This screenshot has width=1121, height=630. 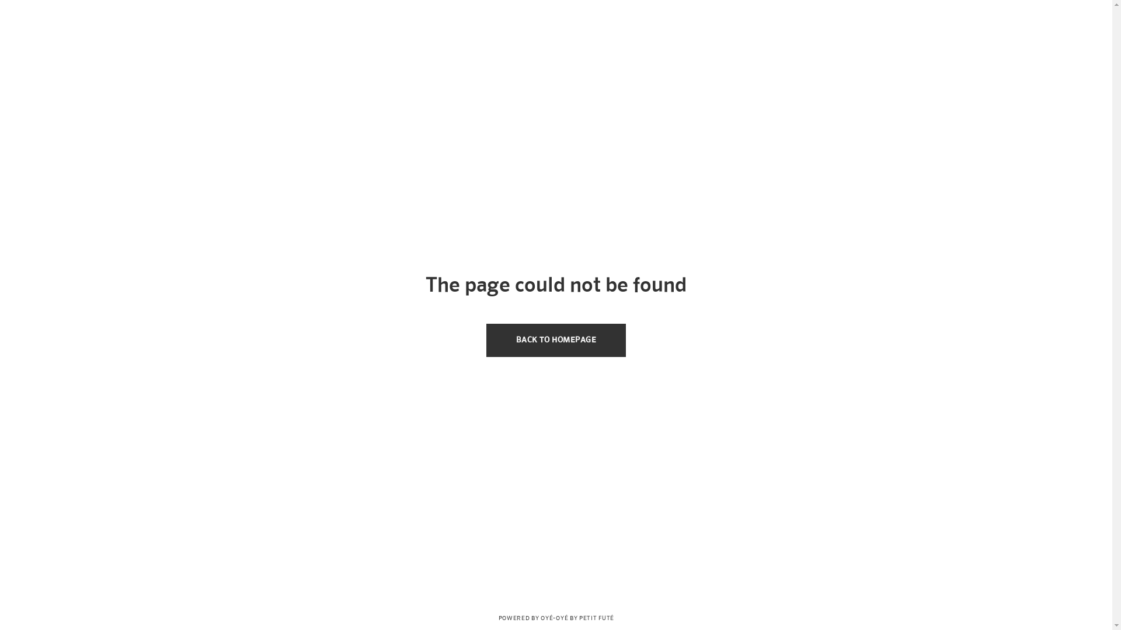 I want to click on 'BACK TO HOMEPAGE', so click(x=555, y=340).